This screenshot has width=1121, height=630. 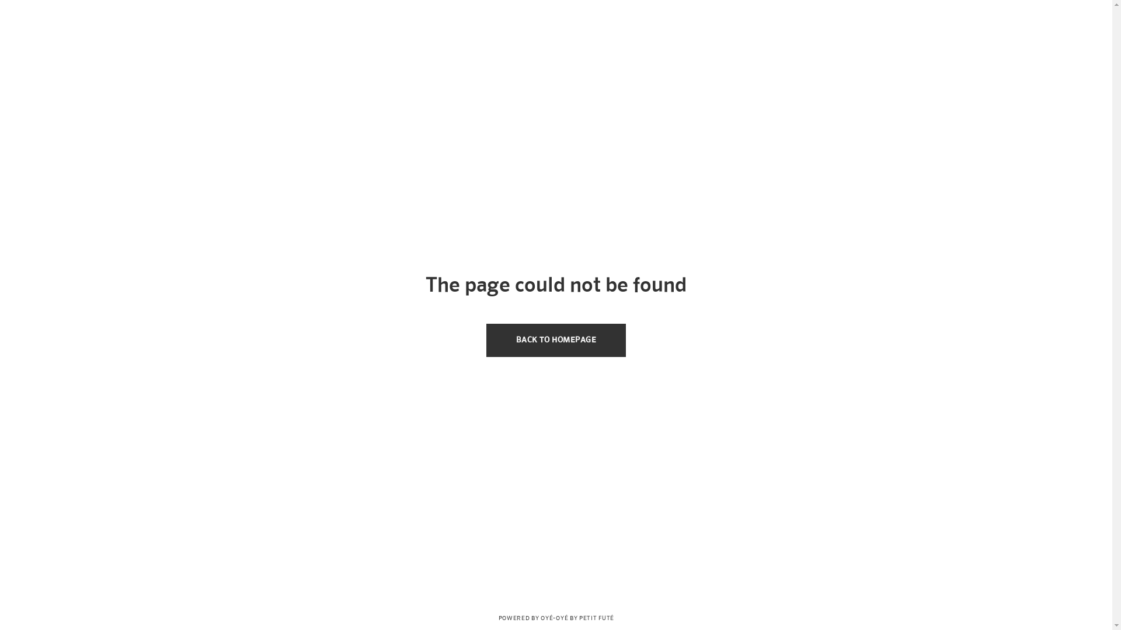 I want to click on 'BACK TO HOMEPAGE', so click(x=555, y=340).